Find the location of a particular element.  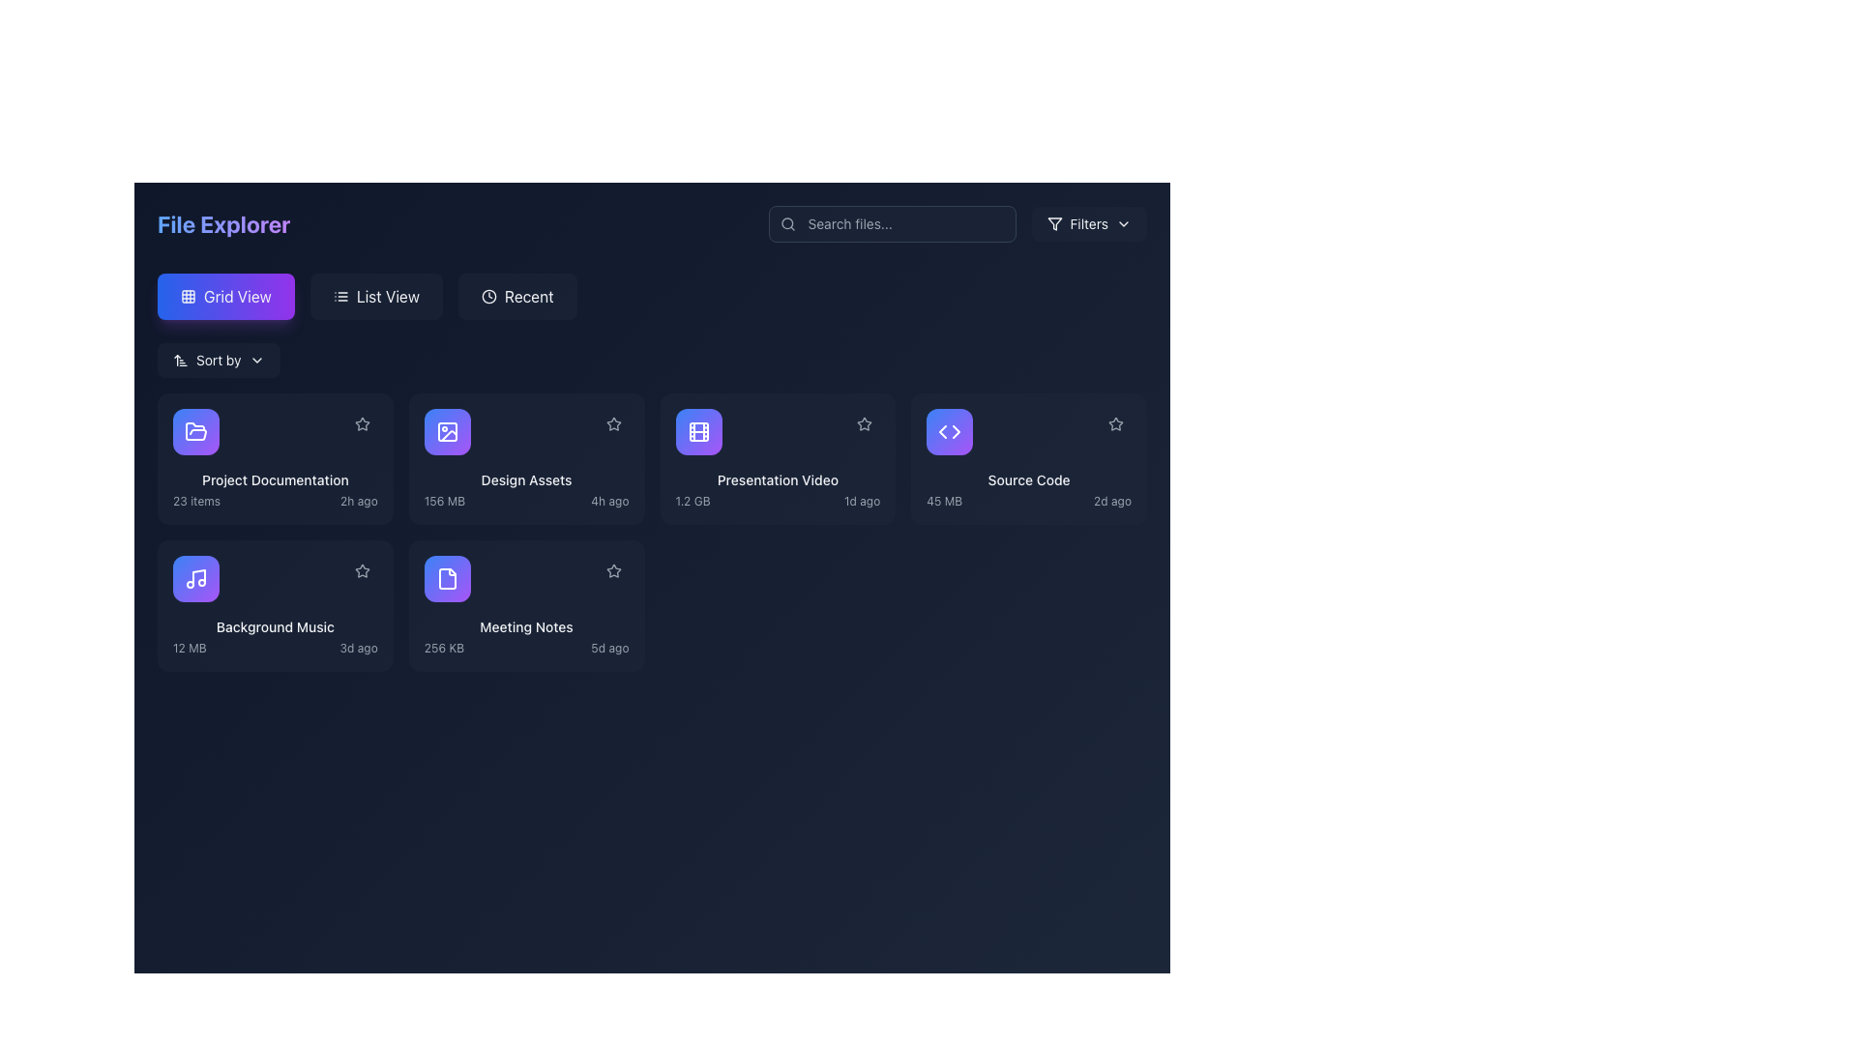

the star icon in the top-right corner of the 'Source Code' card in the file explorer is located at coordinates (1115, 422).